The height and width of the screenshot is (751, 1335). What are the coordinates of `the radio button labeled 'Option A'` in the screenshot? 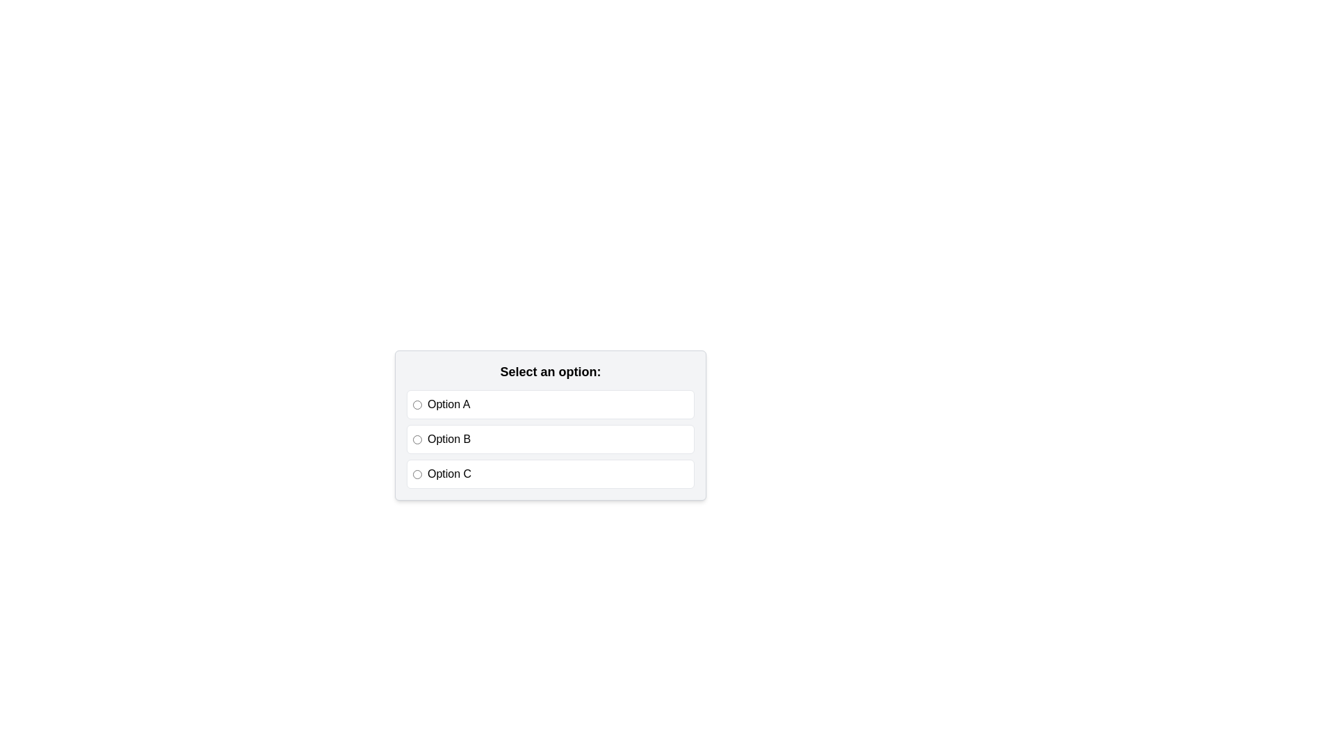 It's located at (550, 405).